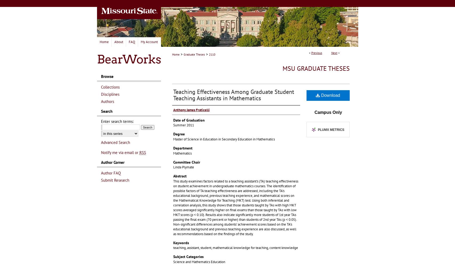 This screenshot has height=266, width=455. What do you see at coordinates (115, 180) in the screenshot?
I see `'Submit Research'` at bounding box center [115, 180].